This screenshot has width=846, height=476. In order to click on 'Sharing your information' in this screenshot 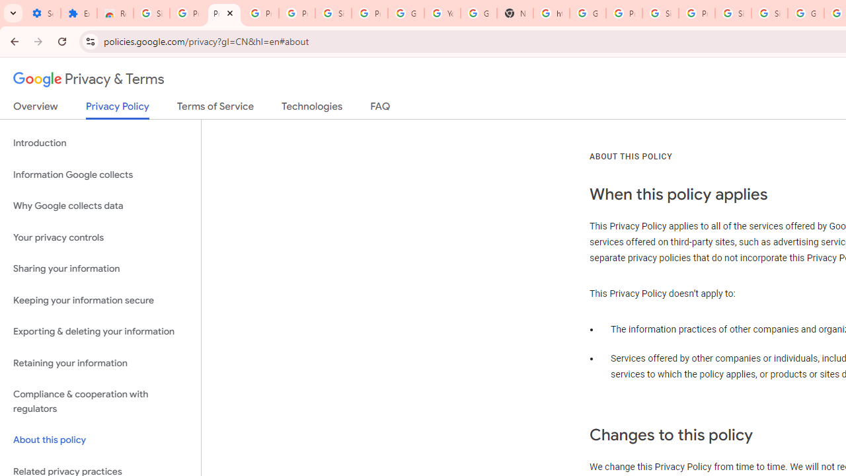, I will do `click(100, 268)`.